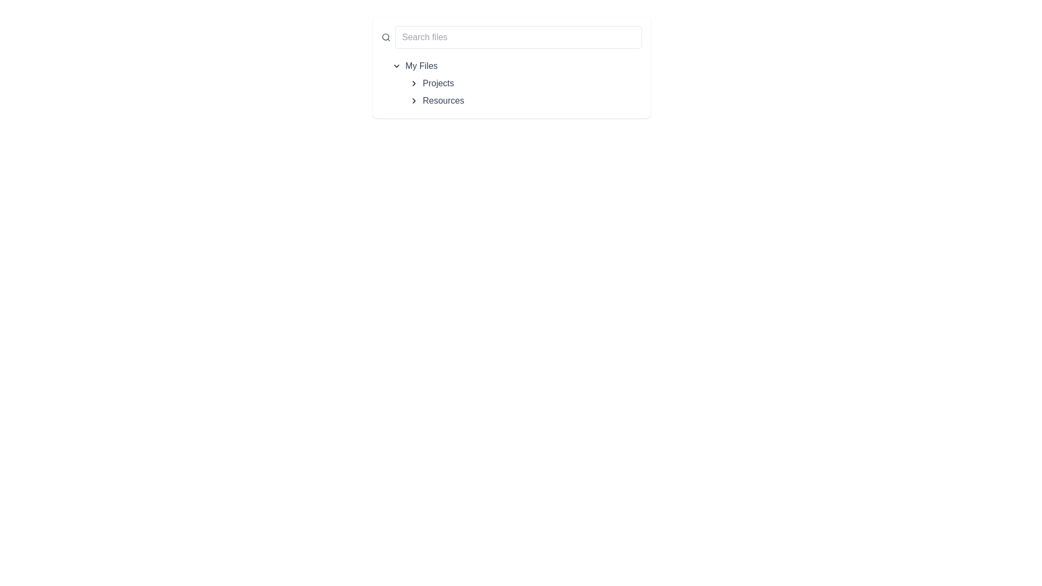 This screenshot has height=586, width=1042. What do you see at coordinates (396, 66) in the screenshot?
I see `the downward-pointing chevron icon located to the left of the 'My Files' text in the list header` at bounding box center [396, 66].